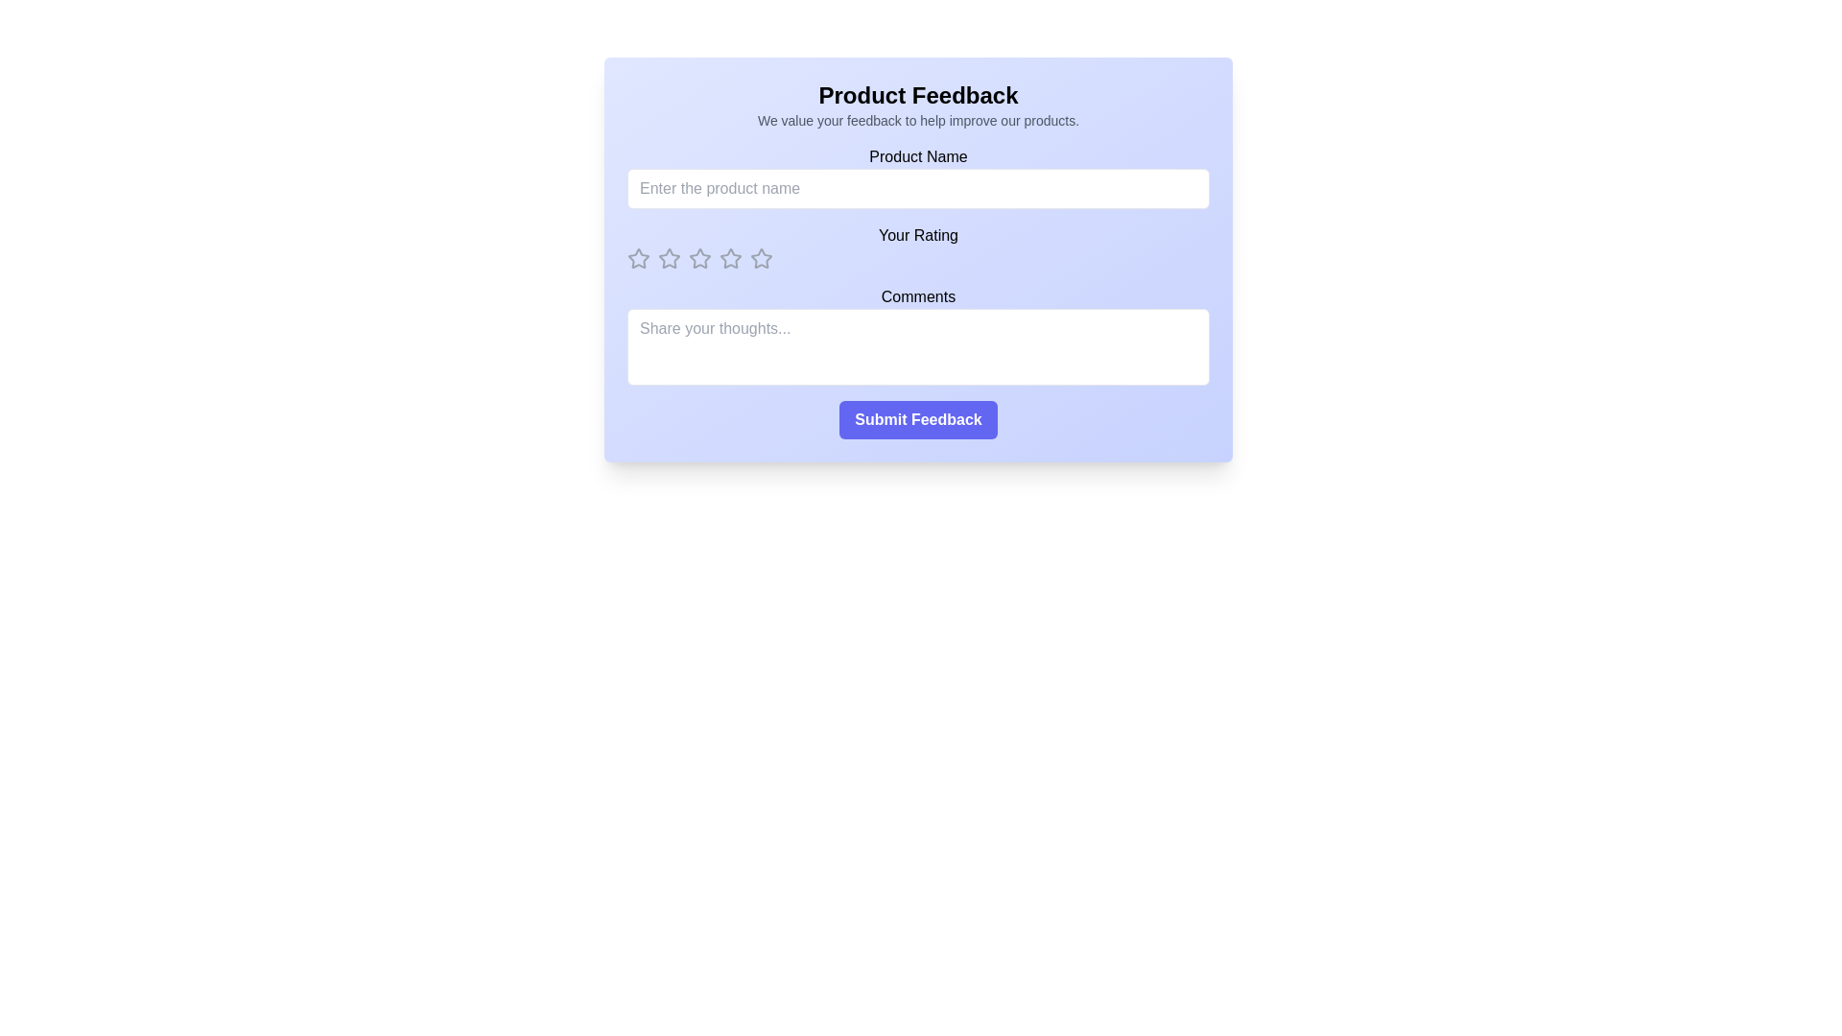 This screenshot has height=1036, width=1842. Describe the element at coordinates (669, 259) in the screenshot. I see `the third star icon in the row of five, located under the label 'Your Rating' in a feedback form` at that location.